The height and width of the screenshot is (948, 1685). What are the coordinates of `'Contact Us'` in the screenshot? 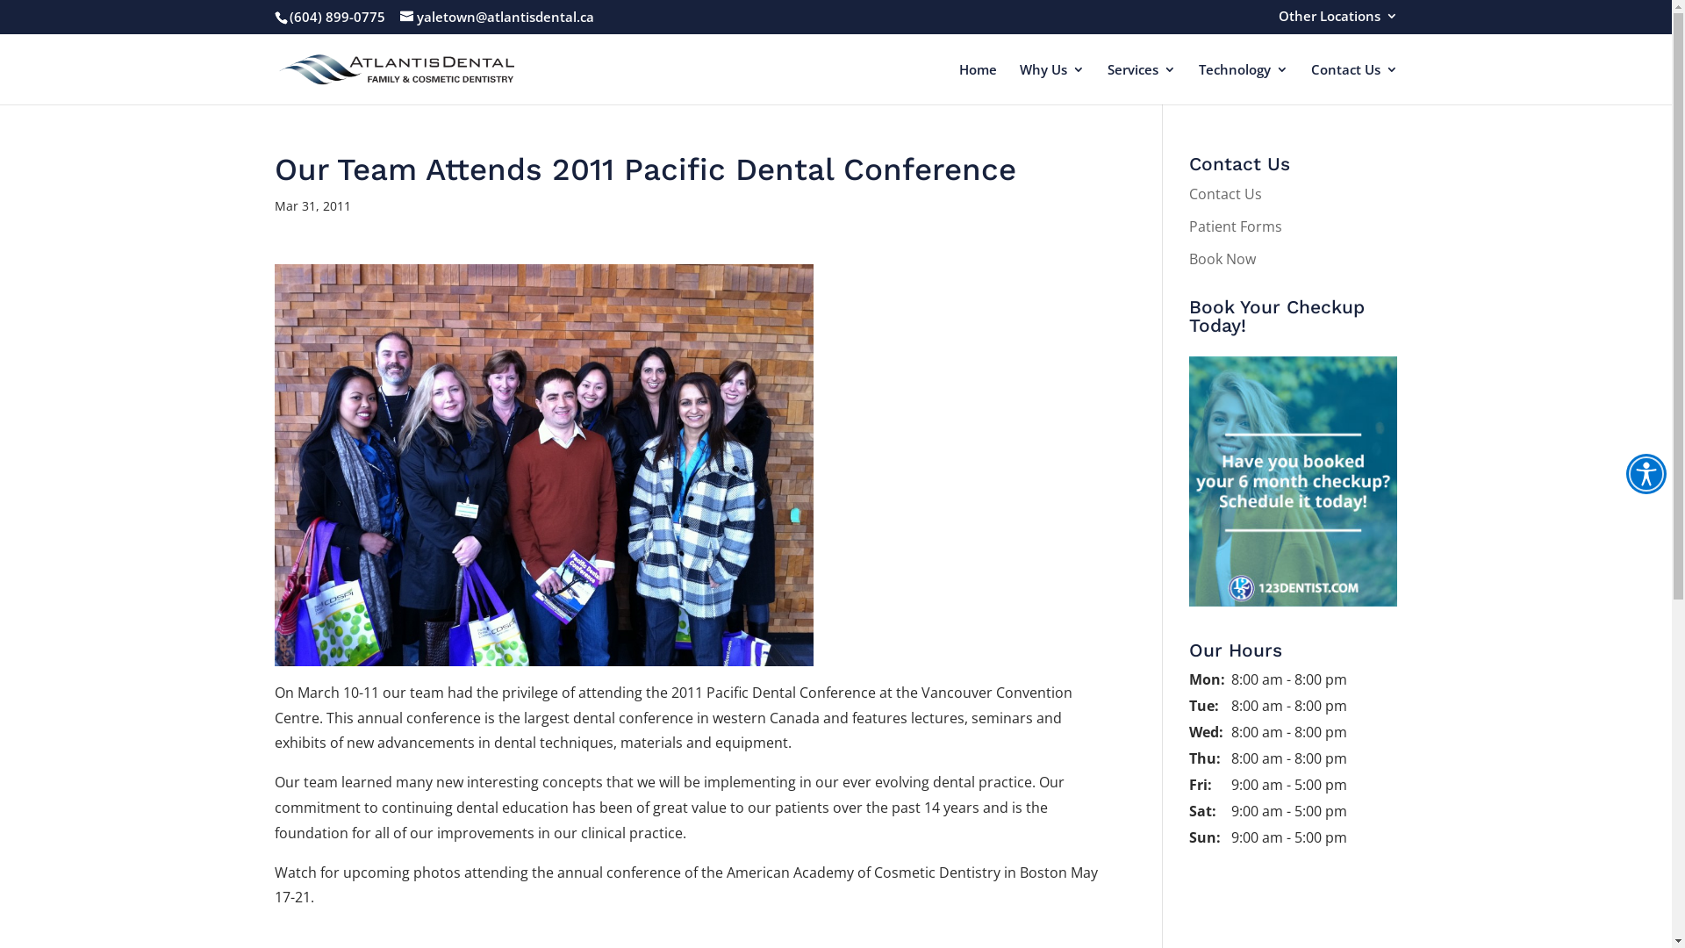 It's located at (1188, 193).